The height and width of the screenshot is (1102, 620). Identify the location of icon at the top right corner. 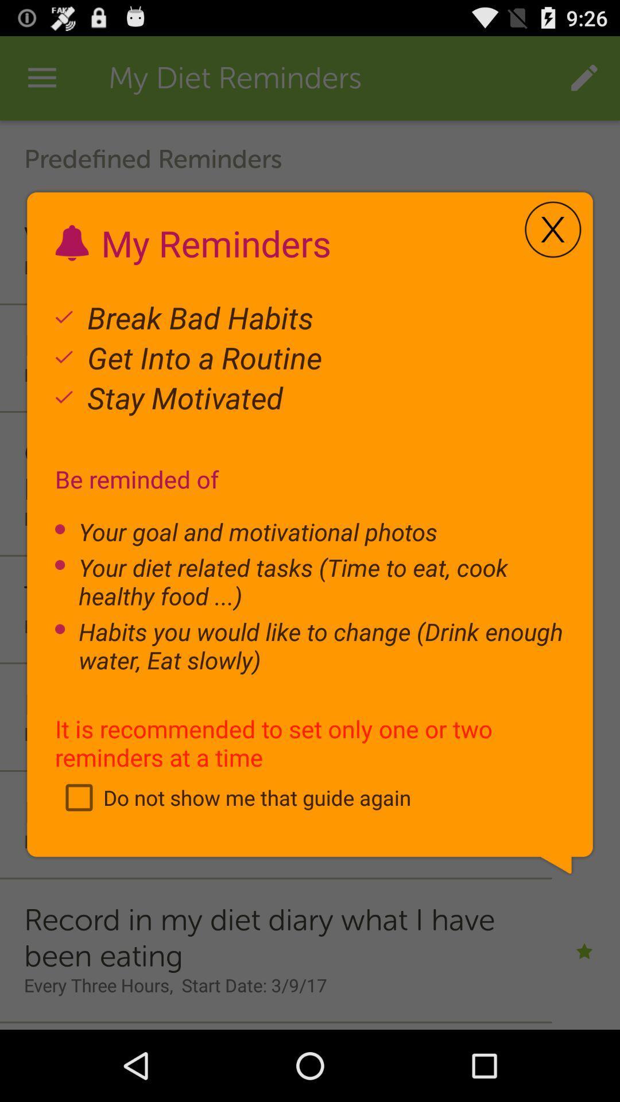
(552, 230).